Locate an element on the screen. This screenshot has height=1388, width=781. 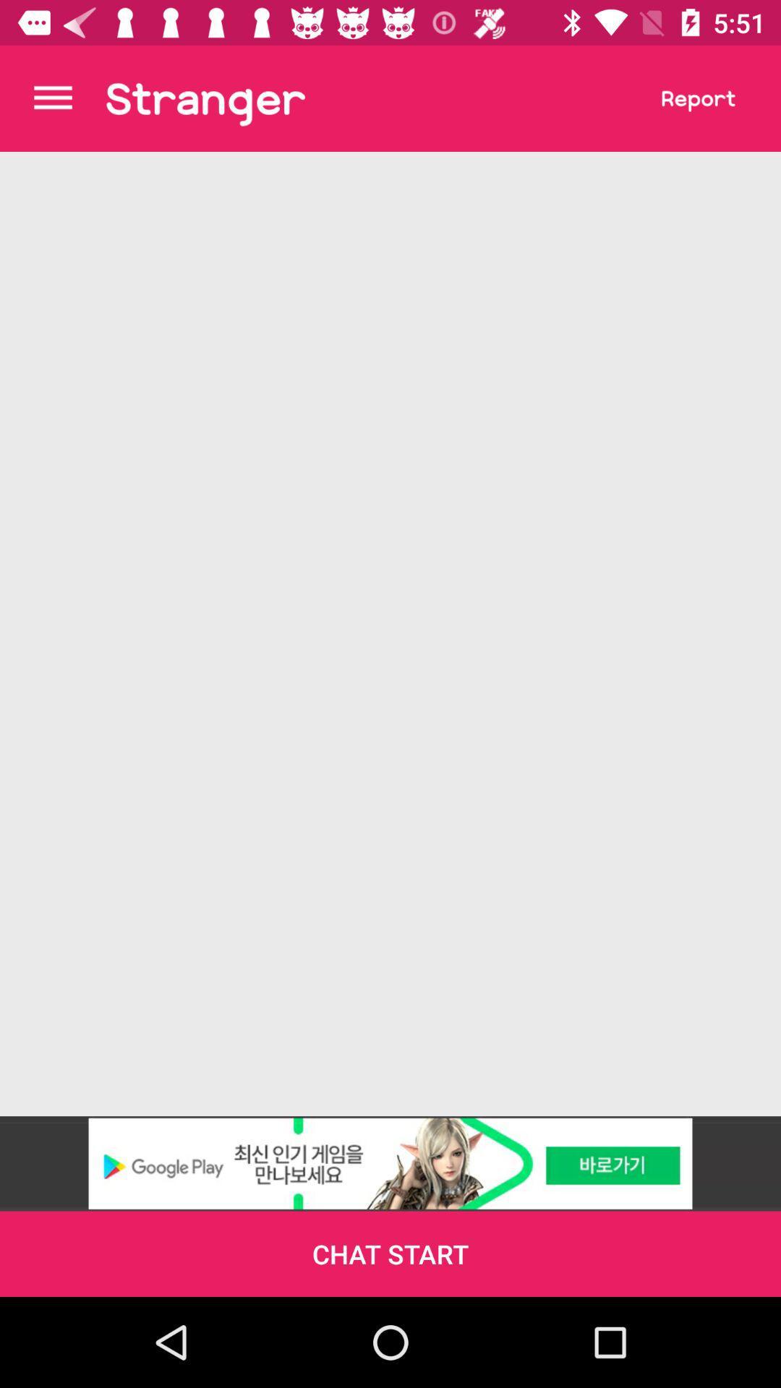
chat start item is located at coordinates (390, 1253).